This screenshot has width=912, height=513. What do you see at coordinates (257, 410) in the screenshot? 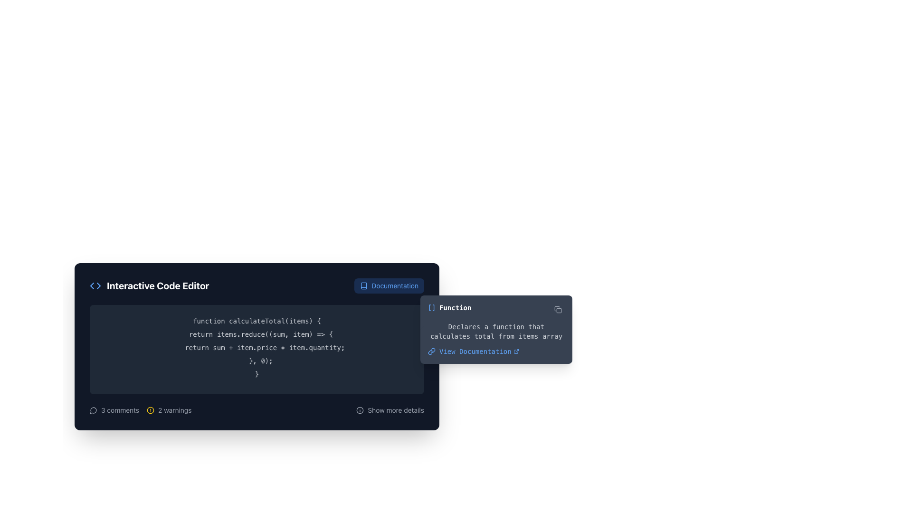
I see `displayed counts of comments ('3 comments') and warnings ('2 warnings') from the informational bar located at the bottom of the Interactive Code Editor component` at bounding box center [257, 410].